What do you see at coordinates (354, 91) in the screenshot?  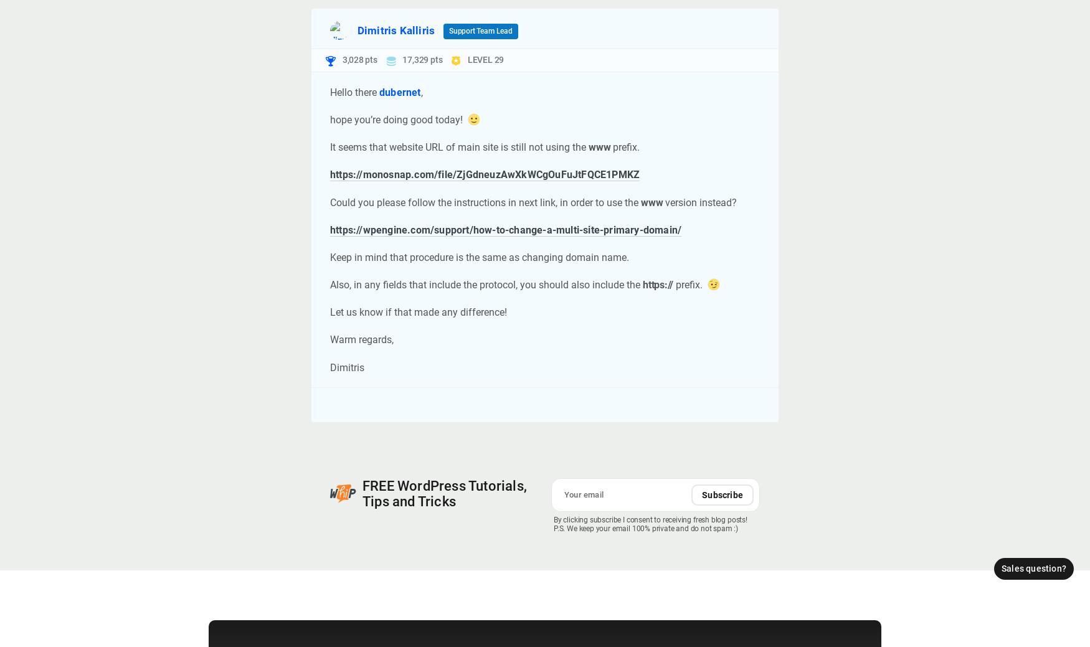 I see `'Hello there'` at bounding box center [354, 91].